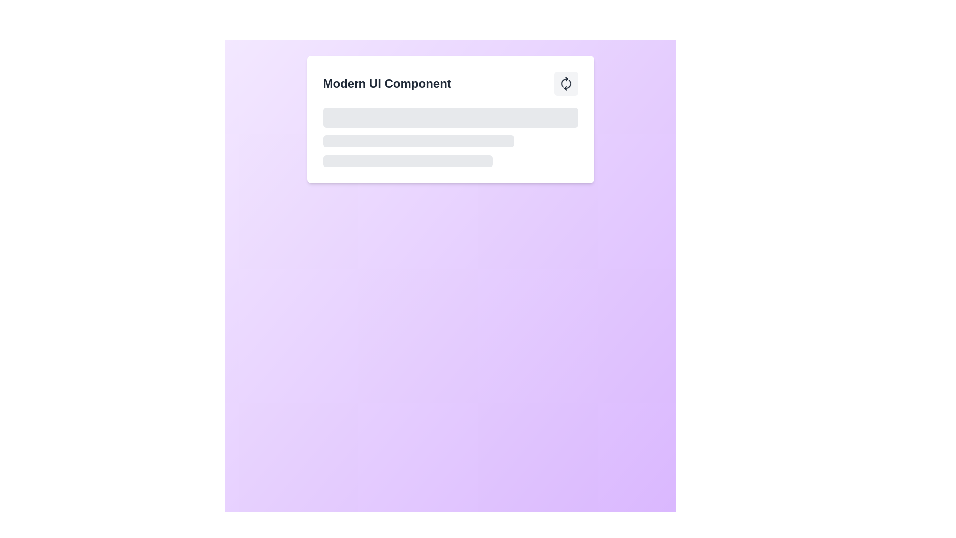 The height and width of the screenshot is (538, 956). I want to click on the placeholder element located directly below the 'Modern UI Component' title, which signifies a loading state or reserved space for future content, so click(450, 117).